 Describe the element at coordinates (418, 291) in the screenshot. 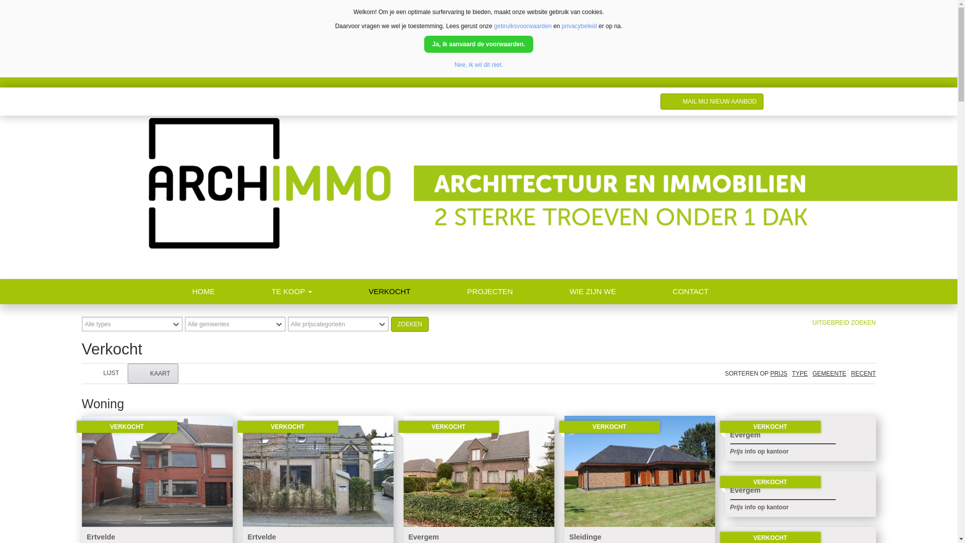

I see `'VERKOCHT'` at that location.